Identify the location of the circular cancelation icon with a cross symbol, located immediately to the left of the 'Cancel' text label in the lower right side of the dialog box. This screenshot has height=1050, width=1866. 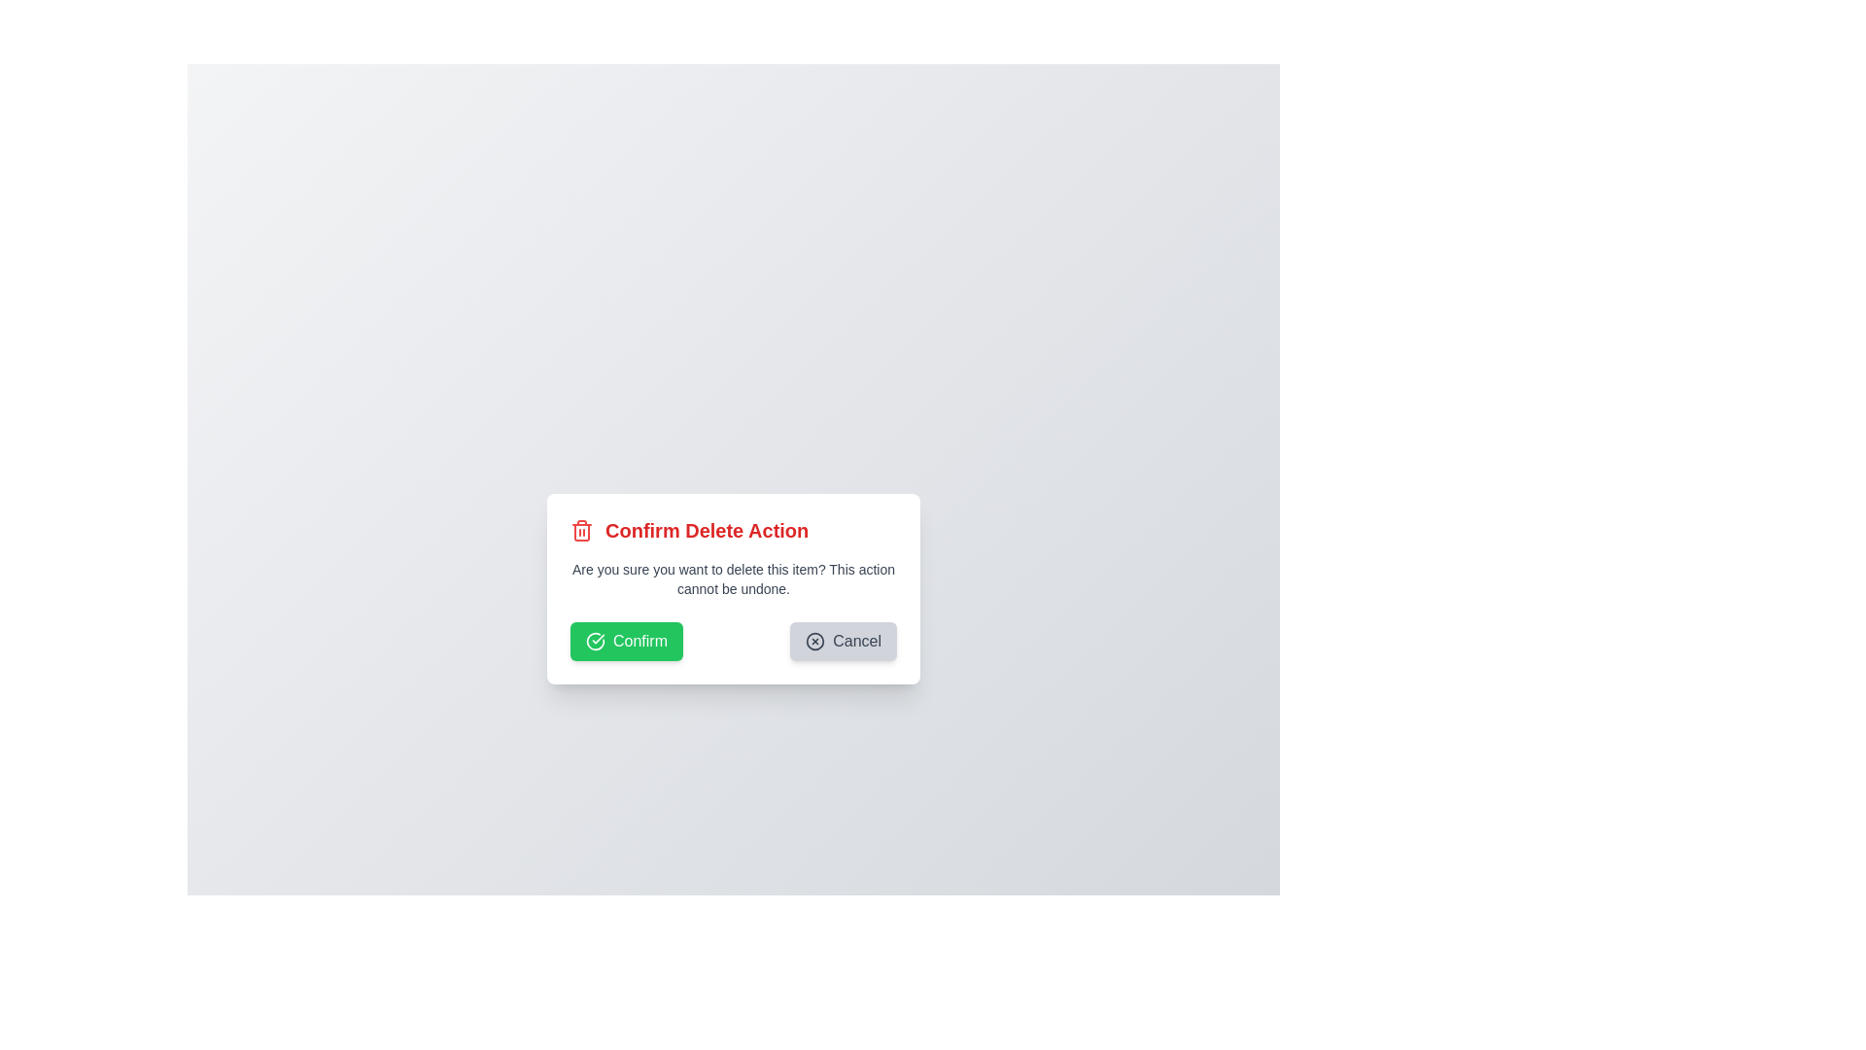
(815, 641).